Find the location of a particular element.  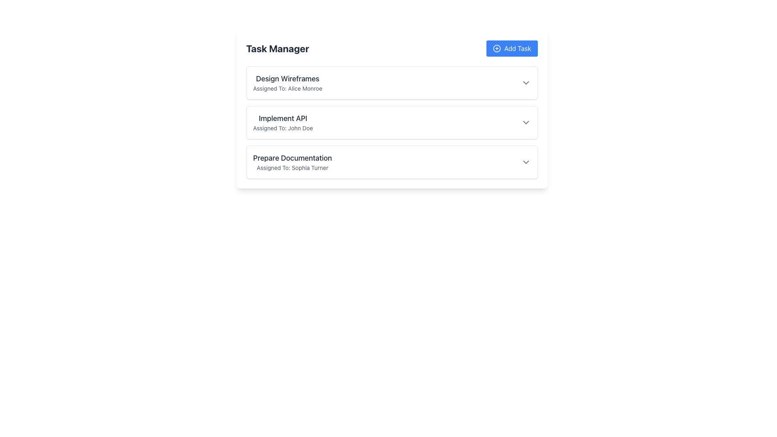

the text element titled 'Implement API', which is located within the second task card, positioned between 'Design Wireframes' and 'Prepare Documentation' is located at coordinates (283, 119).